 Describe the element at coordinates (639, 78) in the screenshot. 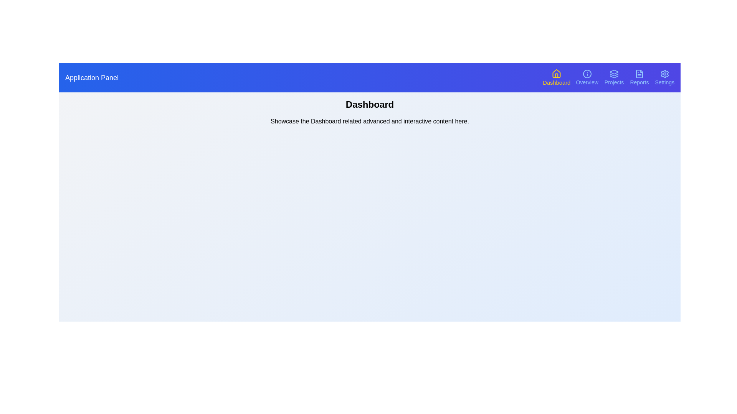

I see `the navigation button corresponding to Reports` at that location.